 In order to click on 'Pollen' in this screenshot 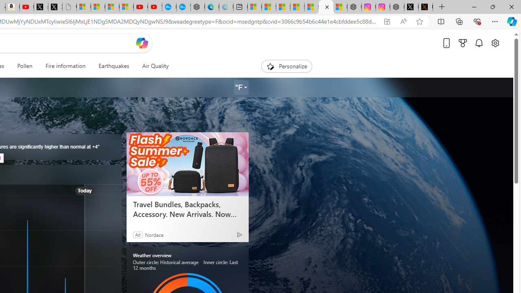, I will do `click(24, 66)`.